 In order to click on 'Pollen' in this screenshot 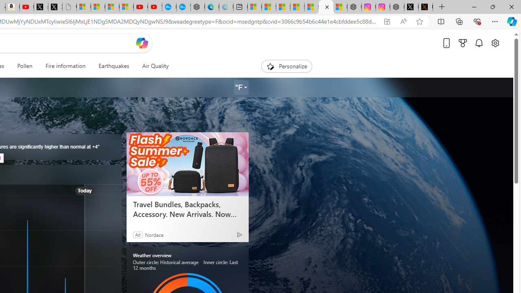, I will do `click(24, 66)`.